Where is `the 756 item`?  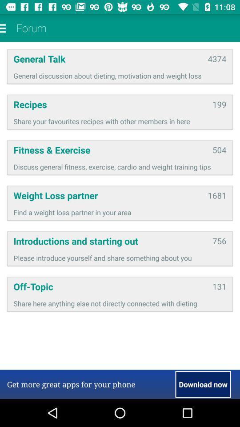
the 756 item is located at coordinates (219, 241).